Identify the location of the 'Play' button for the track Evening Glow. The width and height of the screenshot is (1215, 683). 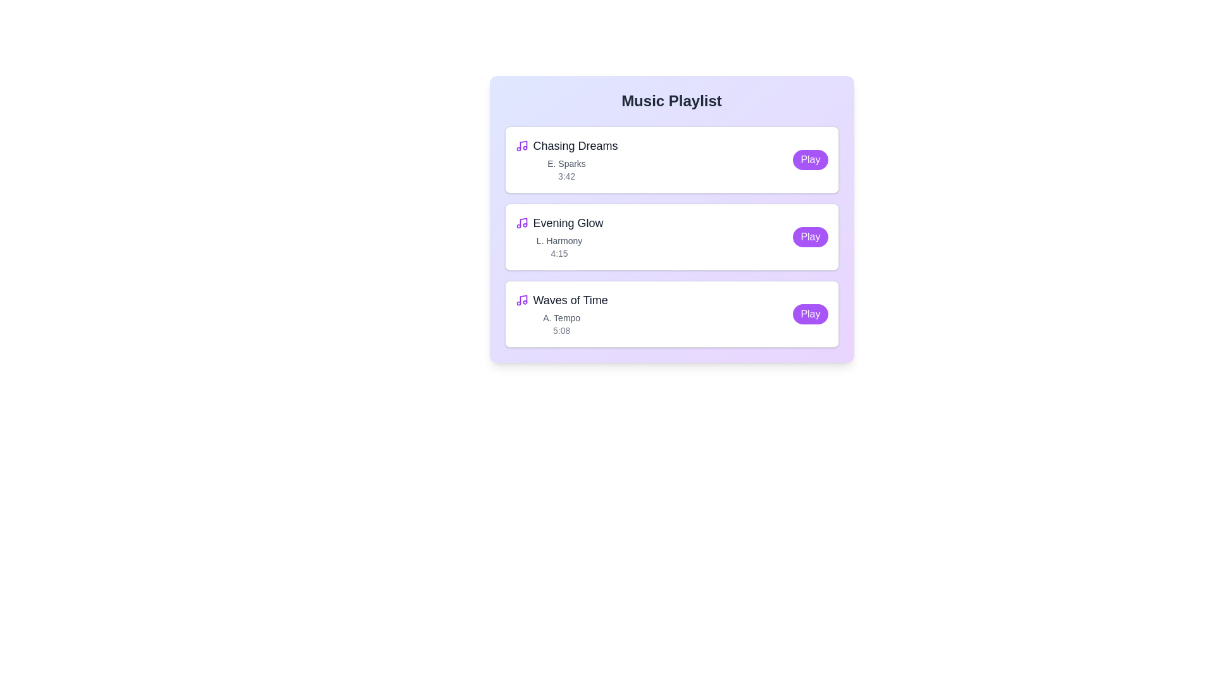
(811, 237).